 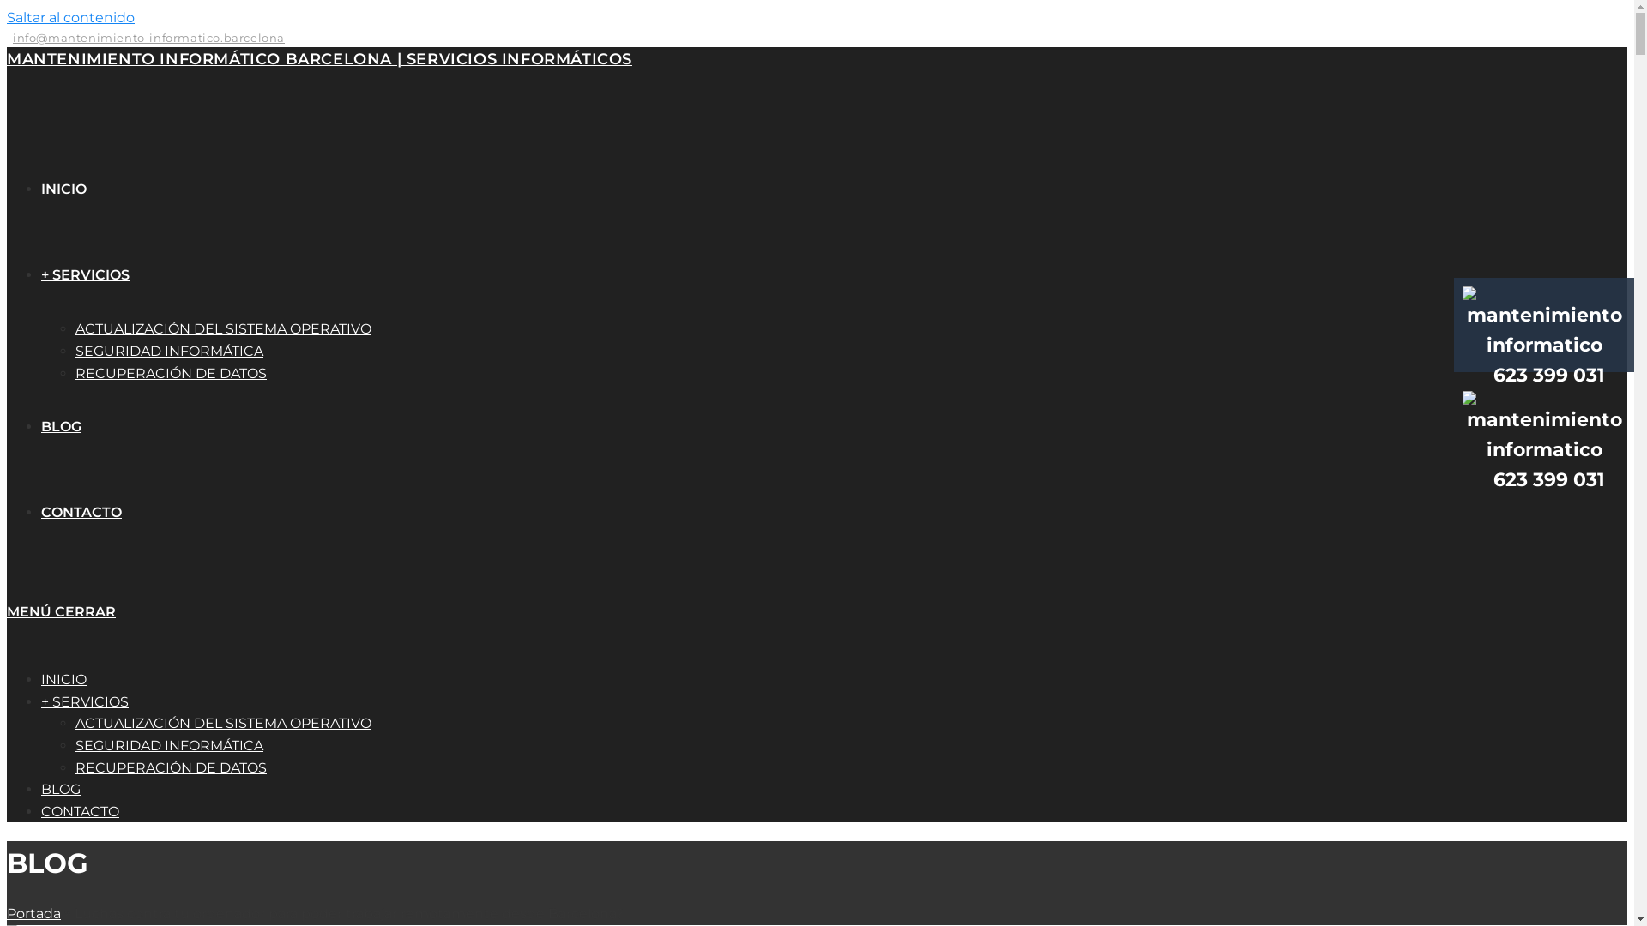 I want to click on 'CONTACTO', so click(x=81, y=511).